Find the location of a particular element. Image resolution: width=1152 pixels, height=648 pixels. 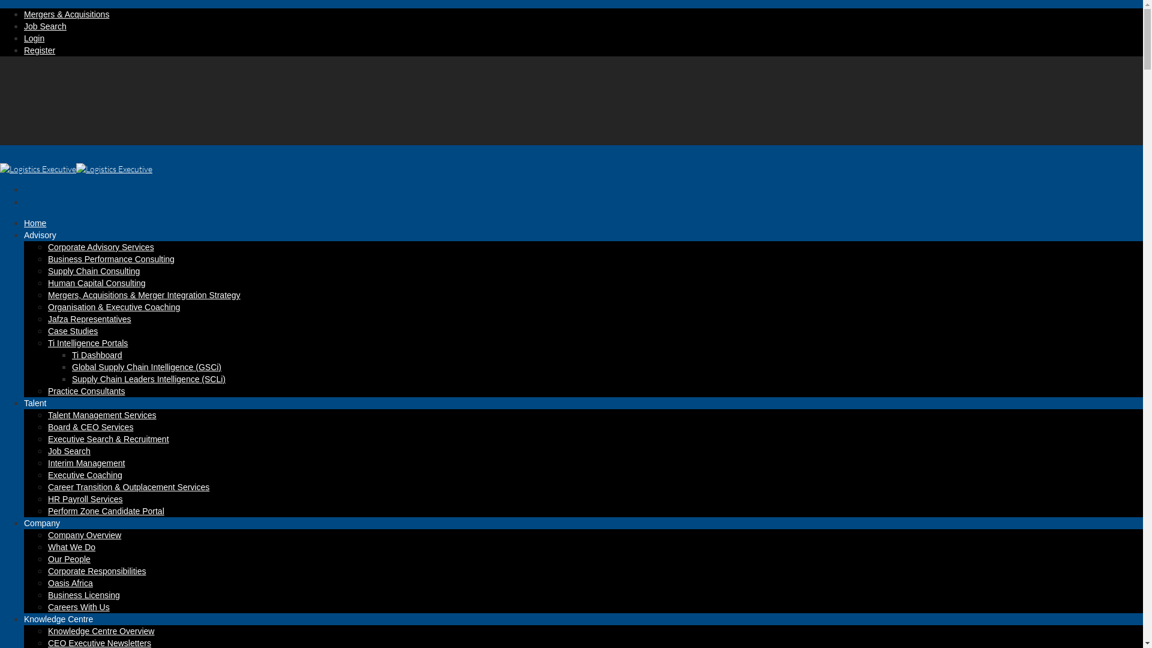

'What We Do' is located at coordinates (71, 547).